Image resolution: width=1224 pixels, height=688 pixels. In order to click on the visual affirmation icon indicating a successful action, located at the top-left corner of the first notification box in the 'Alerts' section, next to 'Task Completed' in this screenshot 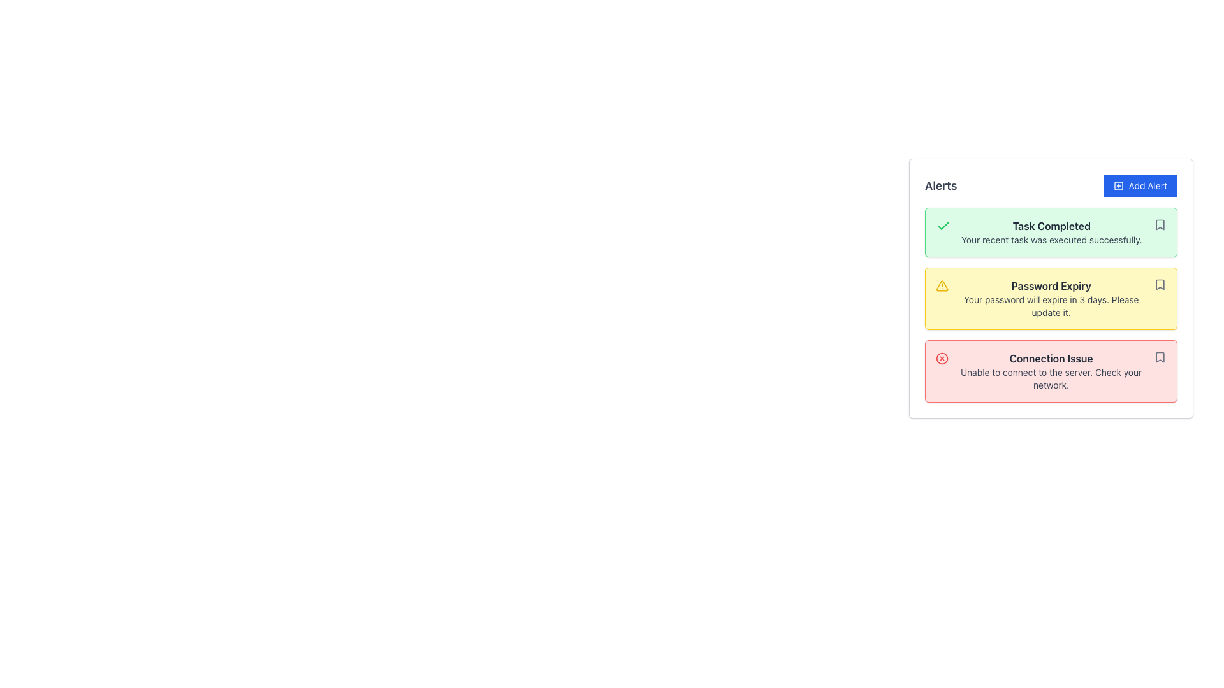, I will do `click(943, 225)`.